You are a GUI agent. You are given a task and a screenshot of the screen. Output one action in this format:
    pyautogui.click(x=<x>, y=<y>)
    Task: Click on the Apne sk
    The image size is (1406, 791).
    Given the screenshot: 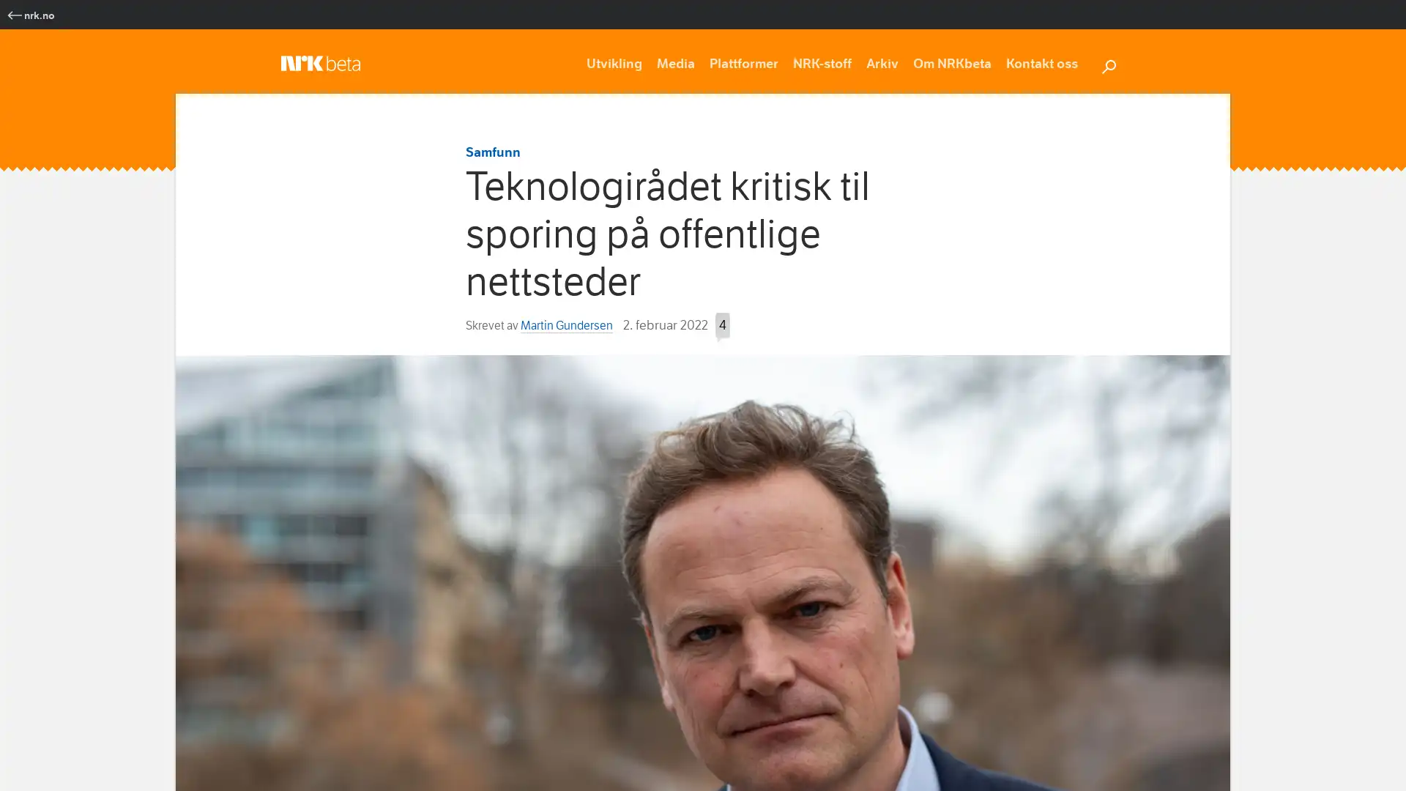 What is the action you would take?
    pyautogui.click(x=1108, y=64)
    